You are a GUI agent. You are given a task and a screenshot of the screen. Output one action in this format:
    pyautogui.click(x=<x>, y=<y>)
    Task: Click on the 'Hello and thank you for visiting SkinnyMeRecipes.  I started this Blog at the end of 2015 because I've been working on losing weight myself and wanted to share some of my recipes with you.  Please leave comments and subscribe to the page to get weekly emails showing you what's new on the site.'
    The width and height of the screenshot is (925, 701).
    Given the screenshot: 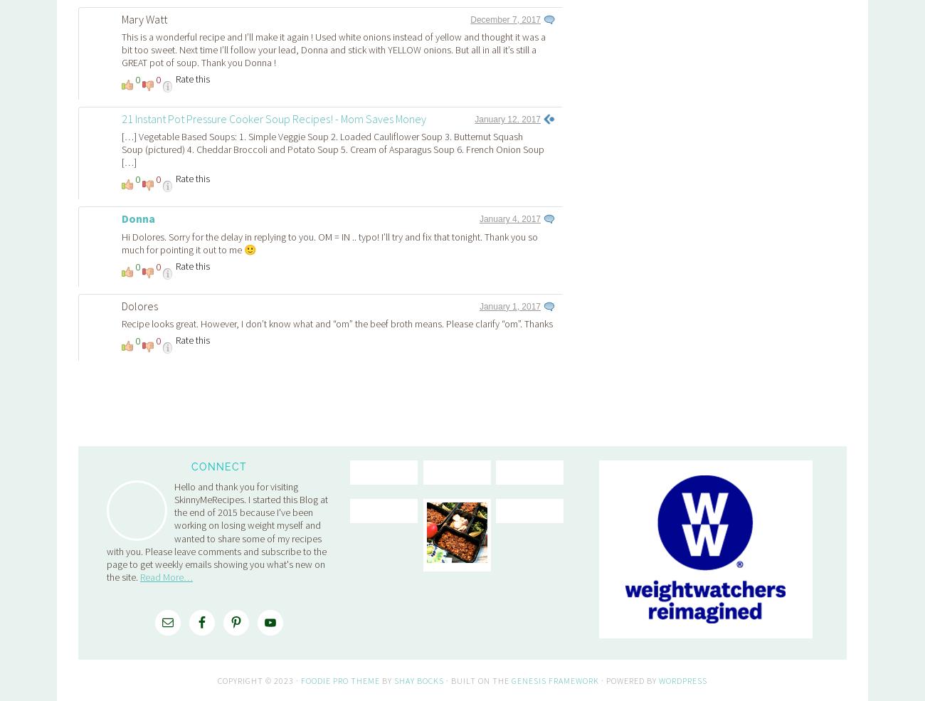 What is the action you would take?
    pyautogui.click(x=217, y=331)
    